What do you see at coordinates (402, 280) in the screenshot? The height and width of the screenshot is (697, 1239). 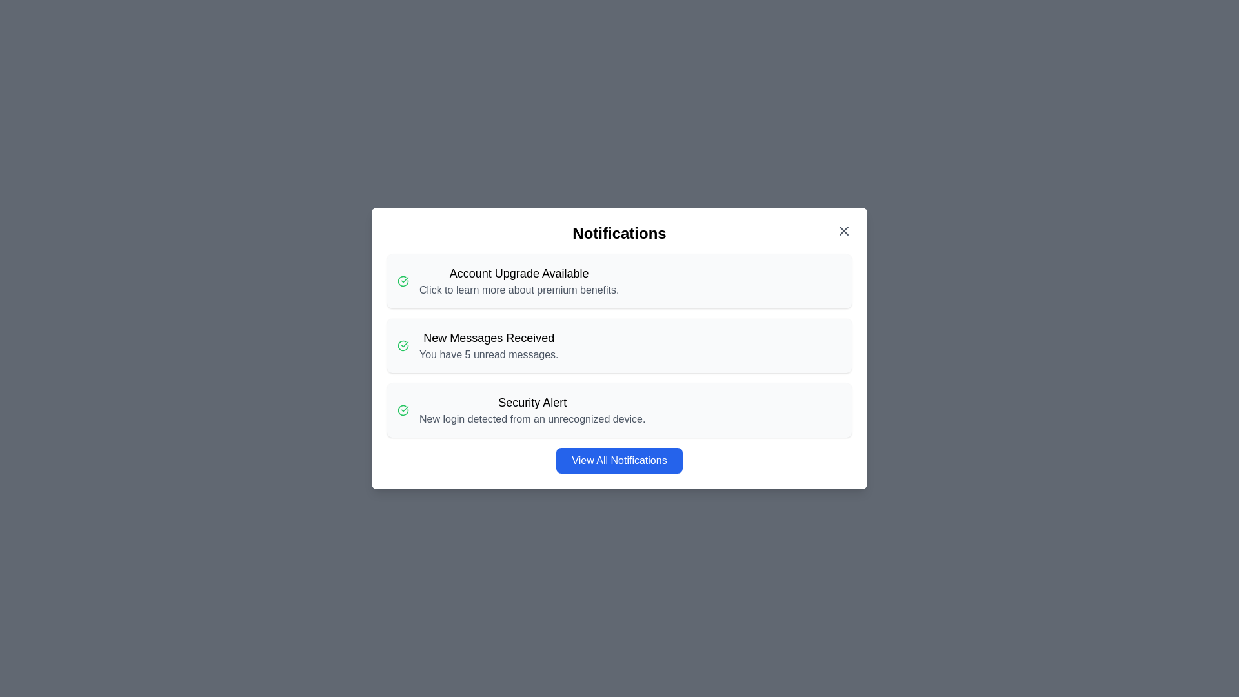 I see `the circular green icon with a checkmark inside, located next to the text 'Account Upgrade Available'` at bounding box center [402, 280].